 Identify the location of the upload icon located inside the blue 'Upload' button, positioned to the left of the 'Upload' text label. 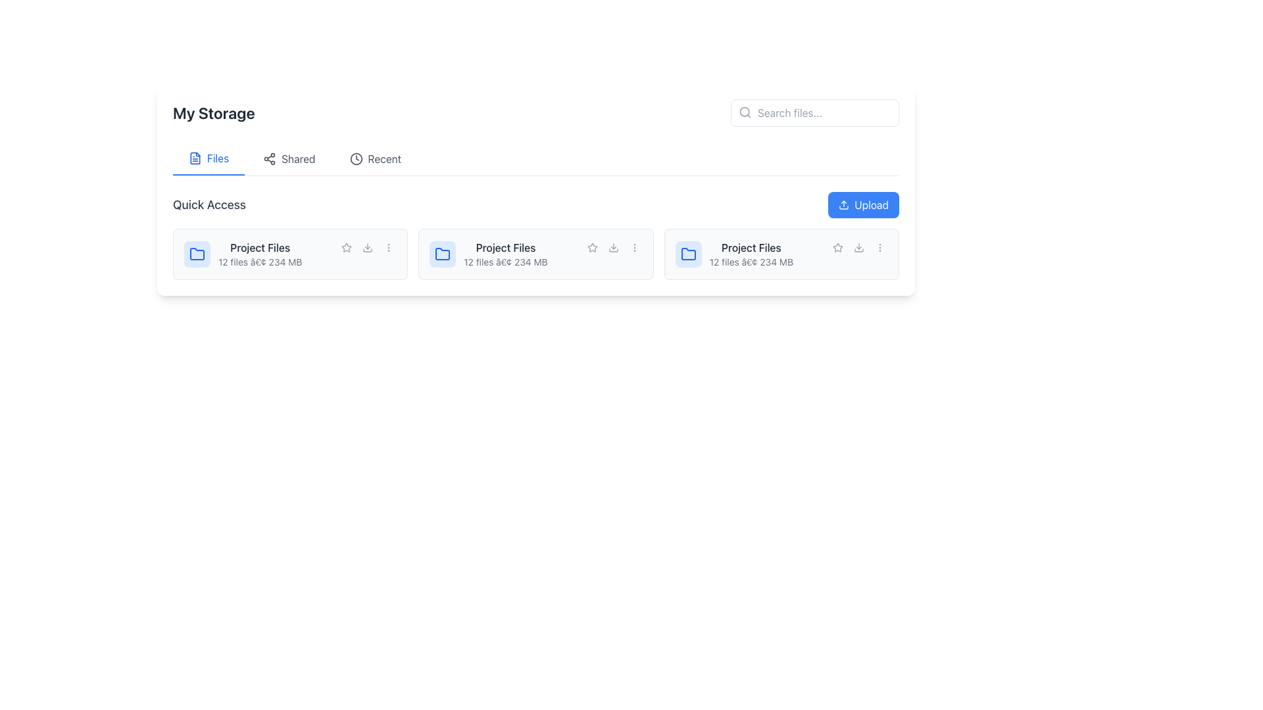
(844, 205).